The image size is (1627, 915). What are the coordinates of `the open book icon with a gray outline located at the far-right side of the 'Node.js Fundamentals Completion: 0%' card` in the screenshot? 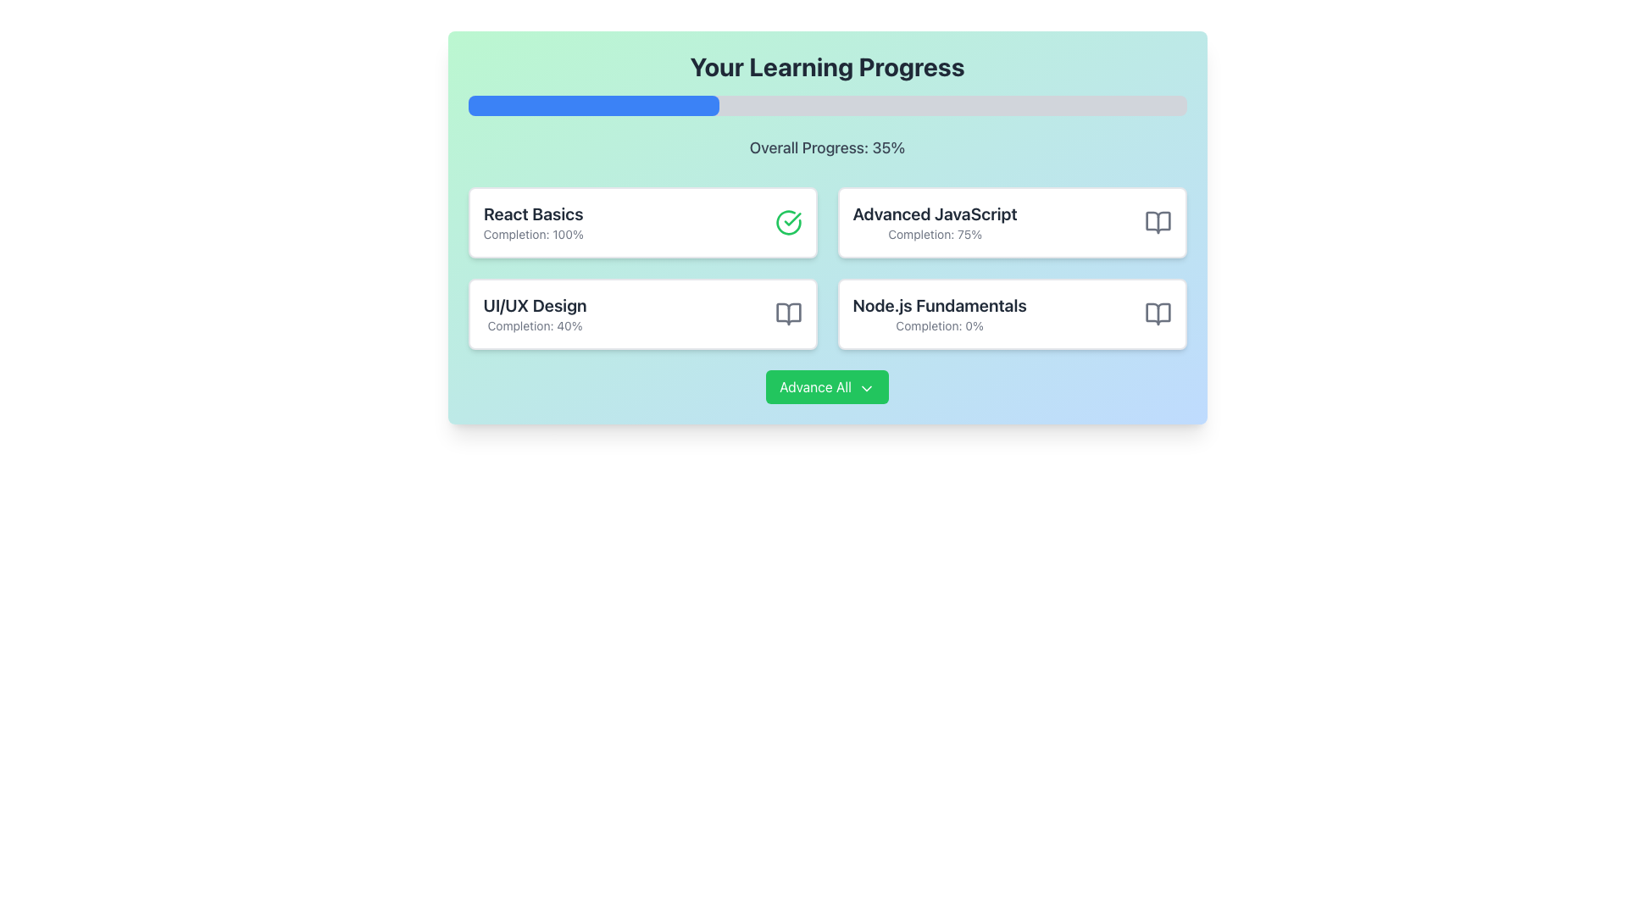 It's located at (1157, 313).